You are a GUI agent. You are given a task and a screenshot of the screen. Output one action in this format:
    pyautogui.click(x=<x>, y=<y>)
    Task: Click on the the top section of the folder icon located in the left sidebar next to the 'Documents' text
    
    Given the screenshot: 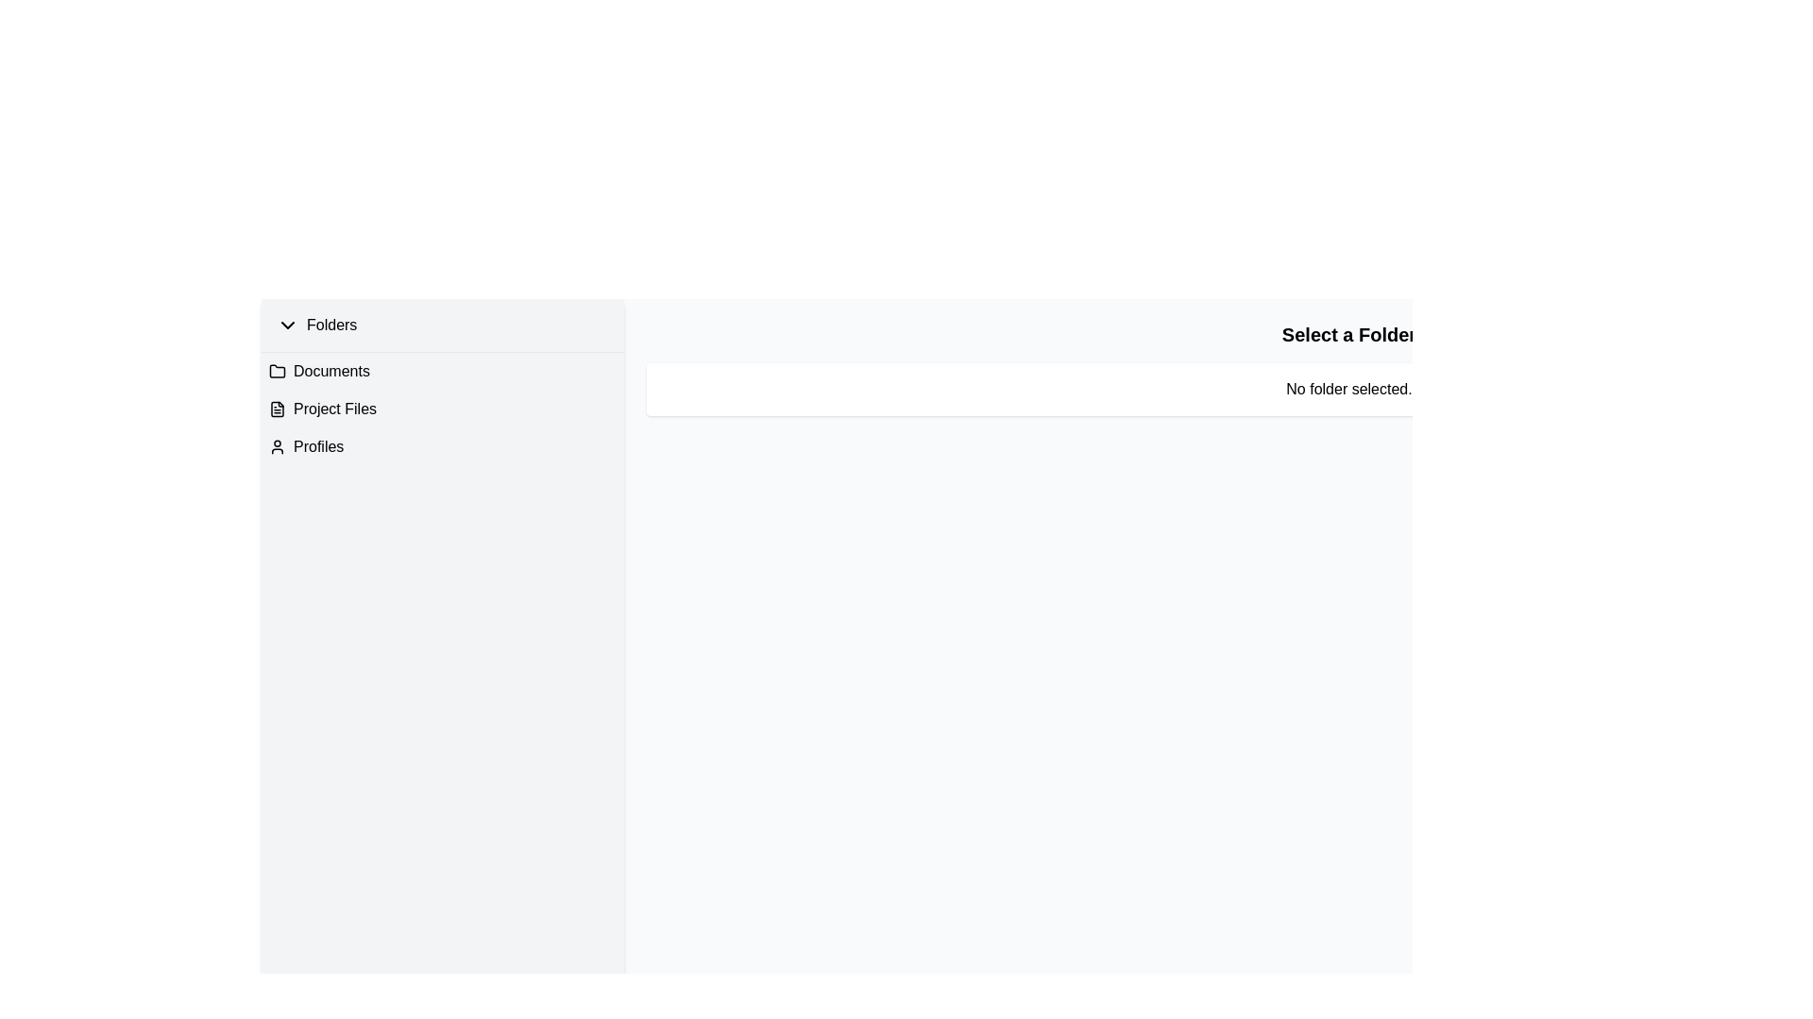 What is the action you would take?
    pyautogui.click(x=276, y=371)
    